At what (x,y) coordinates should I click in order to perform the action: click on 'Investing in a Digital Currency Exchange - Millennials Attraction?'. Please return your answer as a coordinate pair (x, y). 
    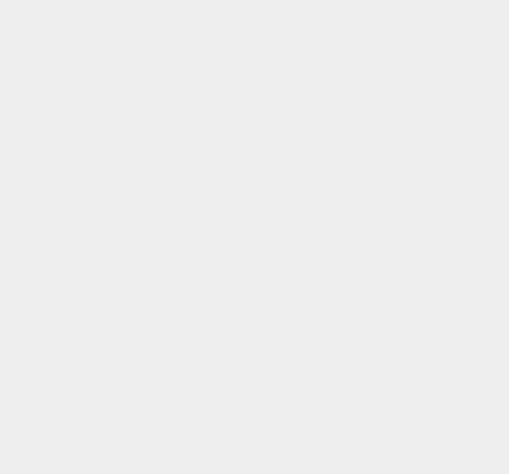
    Looking at the image, I should click on (427, 90).